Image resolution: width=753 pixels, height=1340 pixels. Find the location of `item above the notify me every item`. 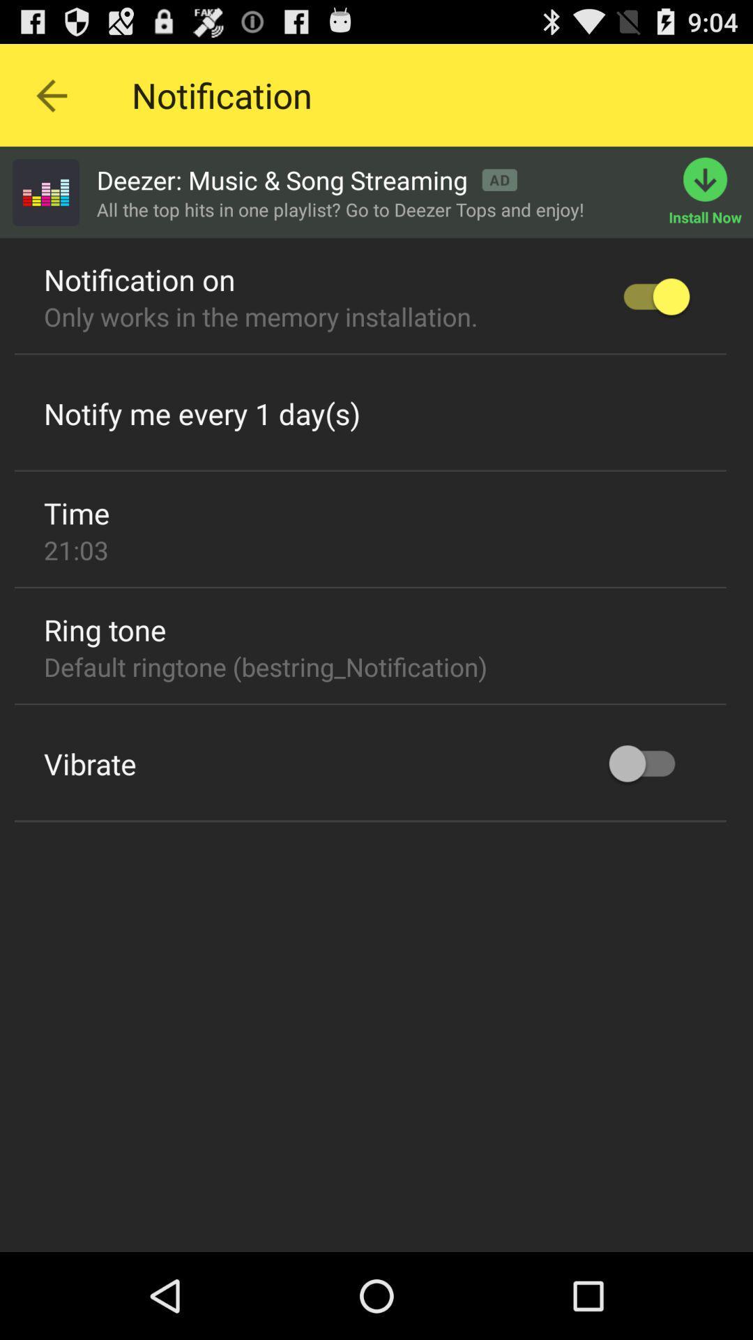

item above the notify me every item is located at coordinates (370, 354).